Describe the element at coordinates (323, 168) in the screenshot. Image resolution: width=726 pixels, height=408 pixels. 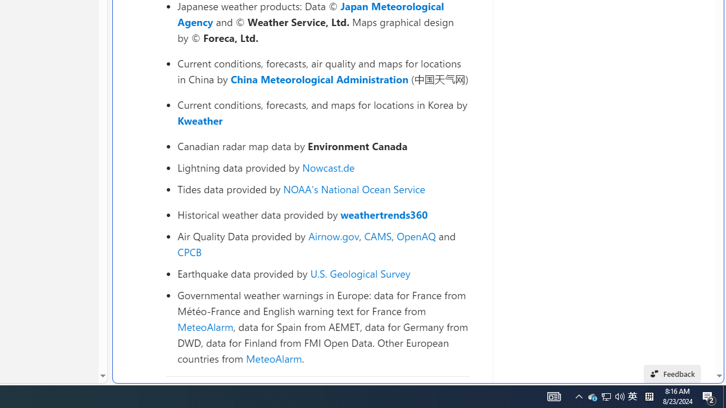
I see `'Lightning data provided by Nowcast.de'` at that location.